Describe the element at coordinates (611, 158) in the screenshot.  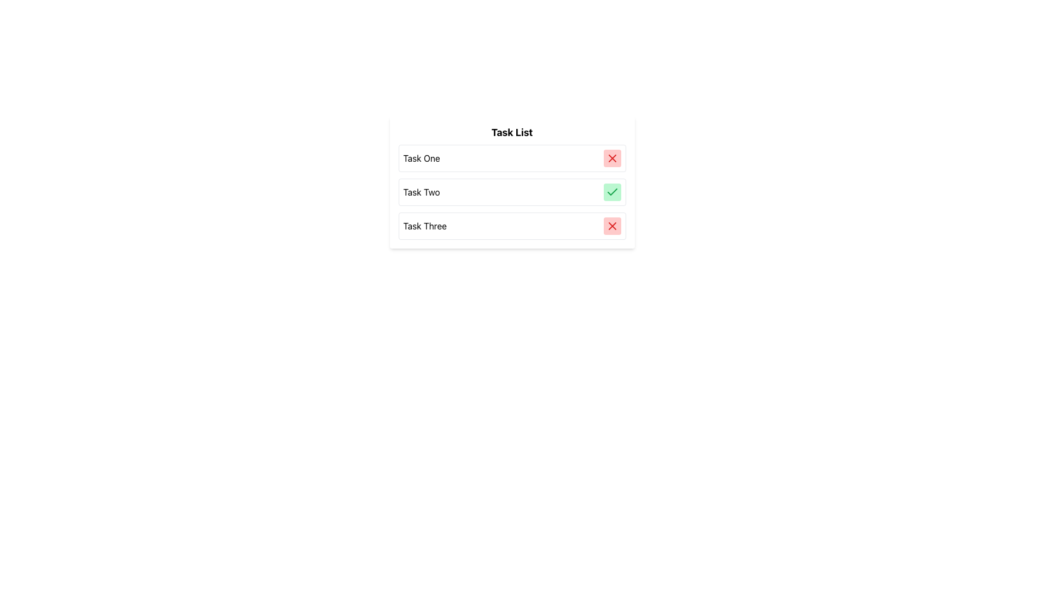
I see `the red circular icon with an 'X' symbol located to the far right of the 'Task One' text` at that location.